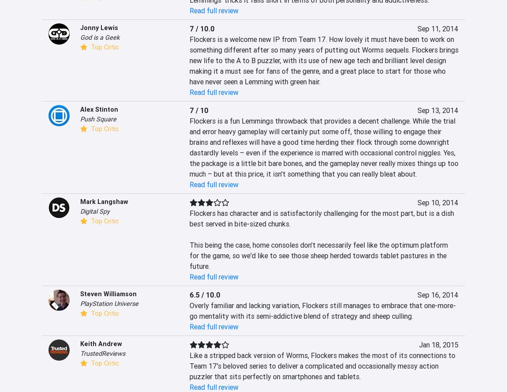 The height and width of the screenshot is (392, 507). What do you see at coordinates (99, 109) in the screenshot?
I see `'Alex Stinton'` at bounding box center [99, 109].